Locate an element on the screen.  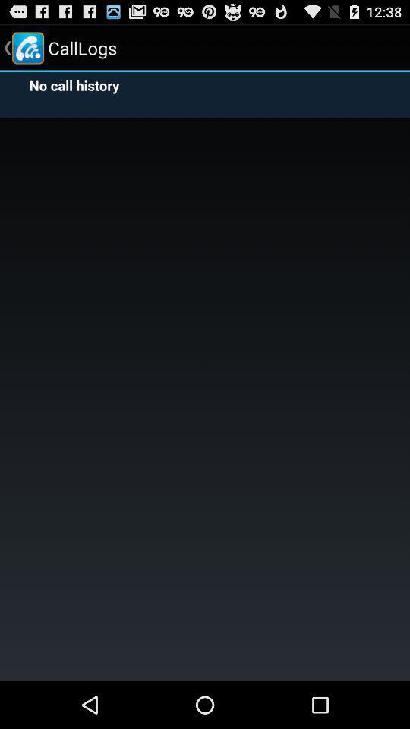
no call history item is located at coordinates (70, 85).